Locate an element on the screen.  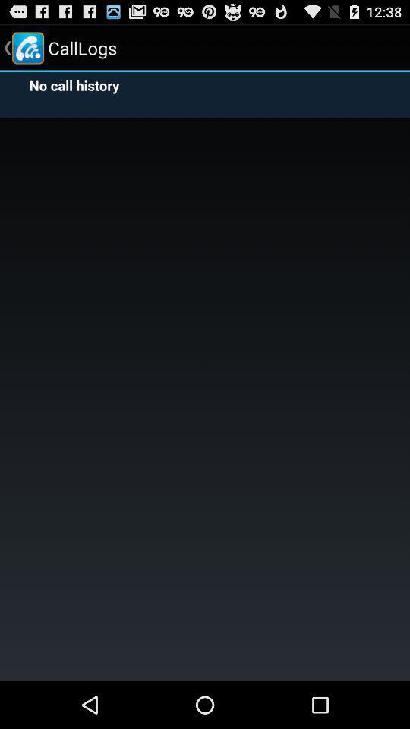
no call history item is located at coordinates (70, 85).